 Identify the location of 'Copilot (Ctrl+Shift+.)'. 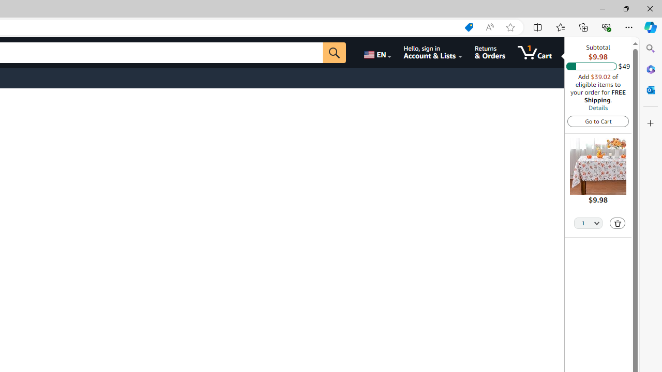
(650, 26).